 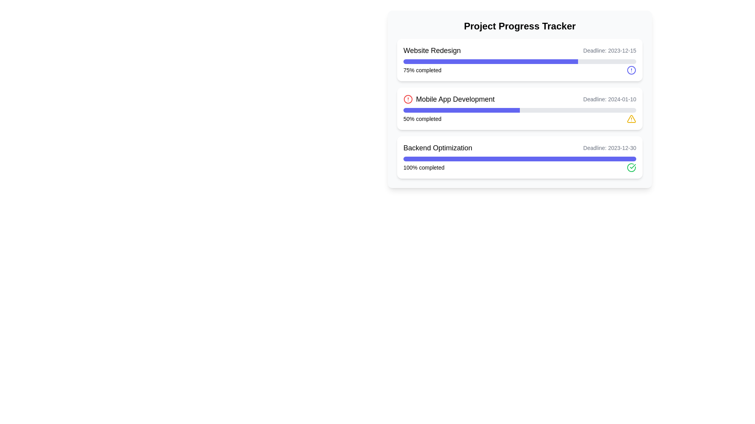 What do you see at coordinates (632, 119) in the screenshot?
I see `the caution icon located at the far right of the 'Mobile App Development' tracker row to associate it with the progress tracker` at bounding box center [632, 119].